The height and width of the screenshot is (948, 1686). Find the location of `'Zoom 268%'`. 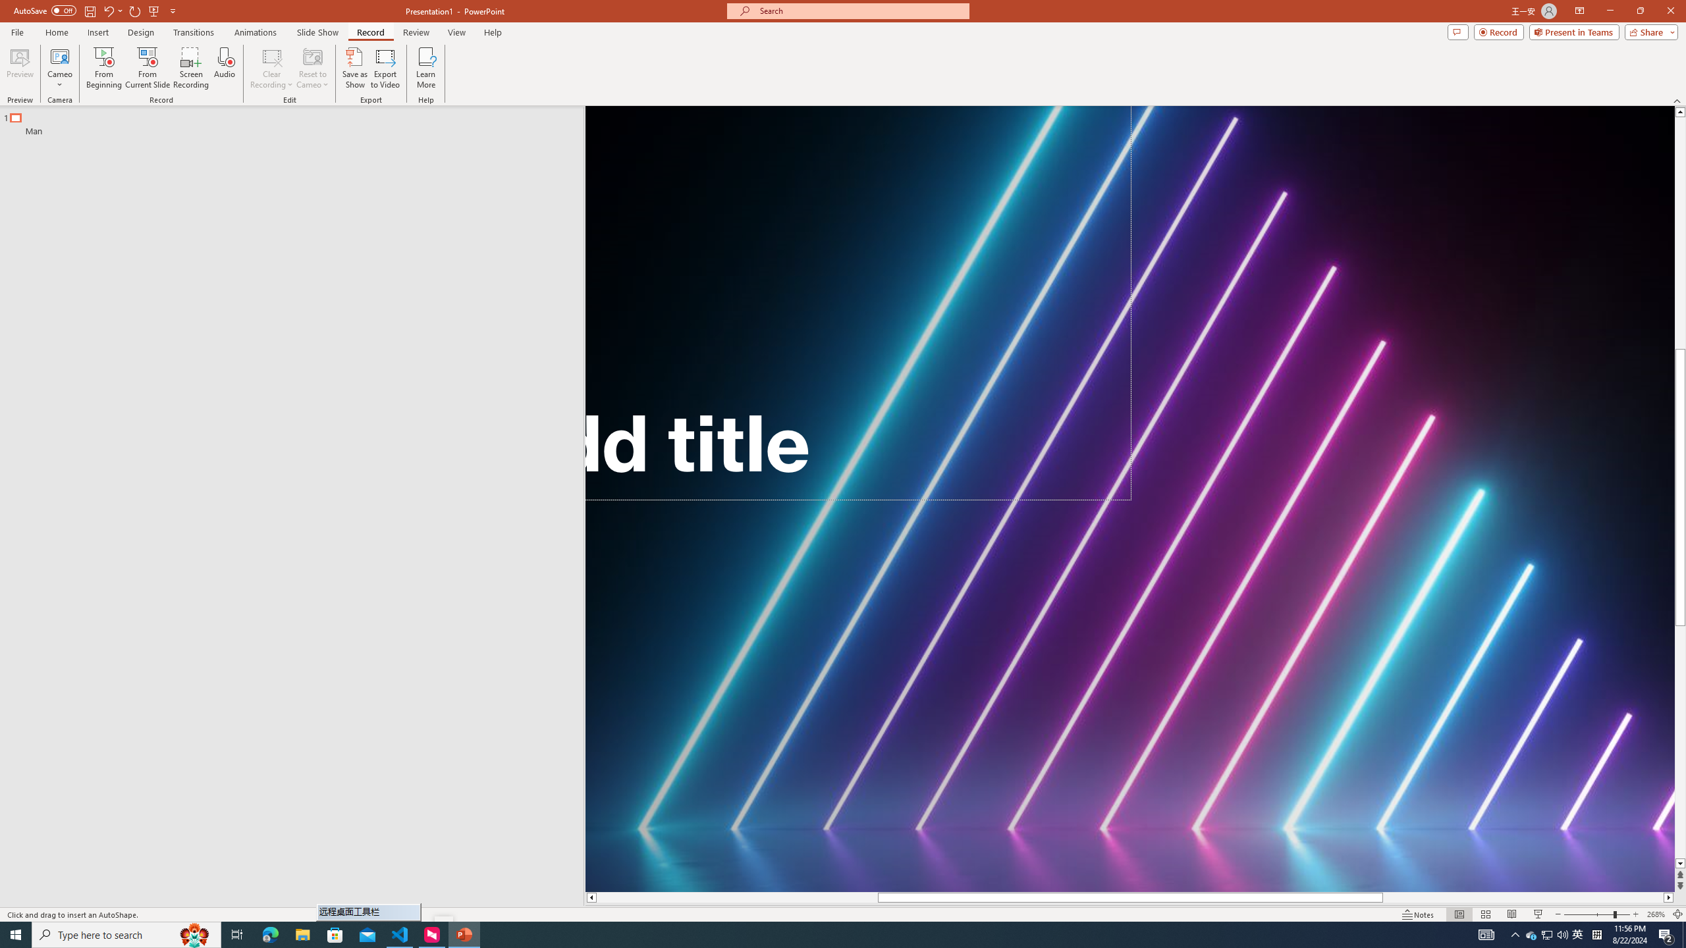

'Zoom 268%' is located at coordinates (1656, 914).